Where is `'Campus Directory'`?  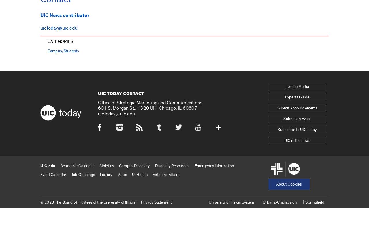
'Campus Directory' is located at coordinates (134, 165).